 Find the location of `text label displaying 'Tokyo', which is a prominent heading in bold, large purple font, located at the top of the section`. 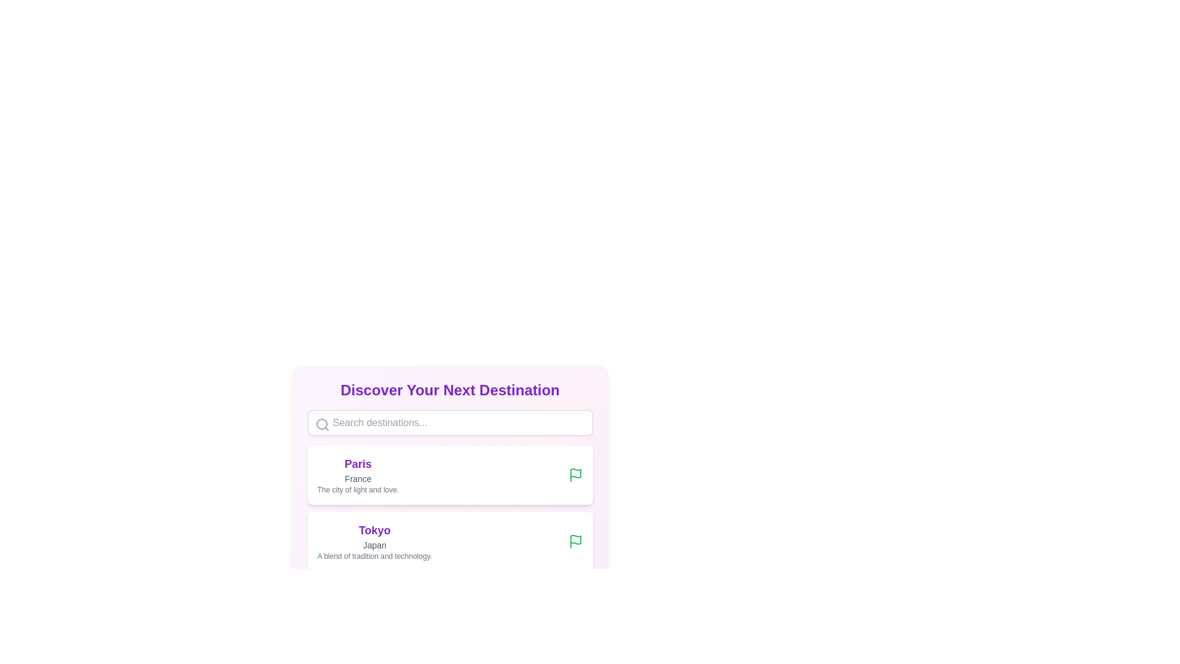

text label displaying 'Tokyo', which is a prominent heading in bold, large purple font, located at the top of the section is located at coordinates (374, 530).